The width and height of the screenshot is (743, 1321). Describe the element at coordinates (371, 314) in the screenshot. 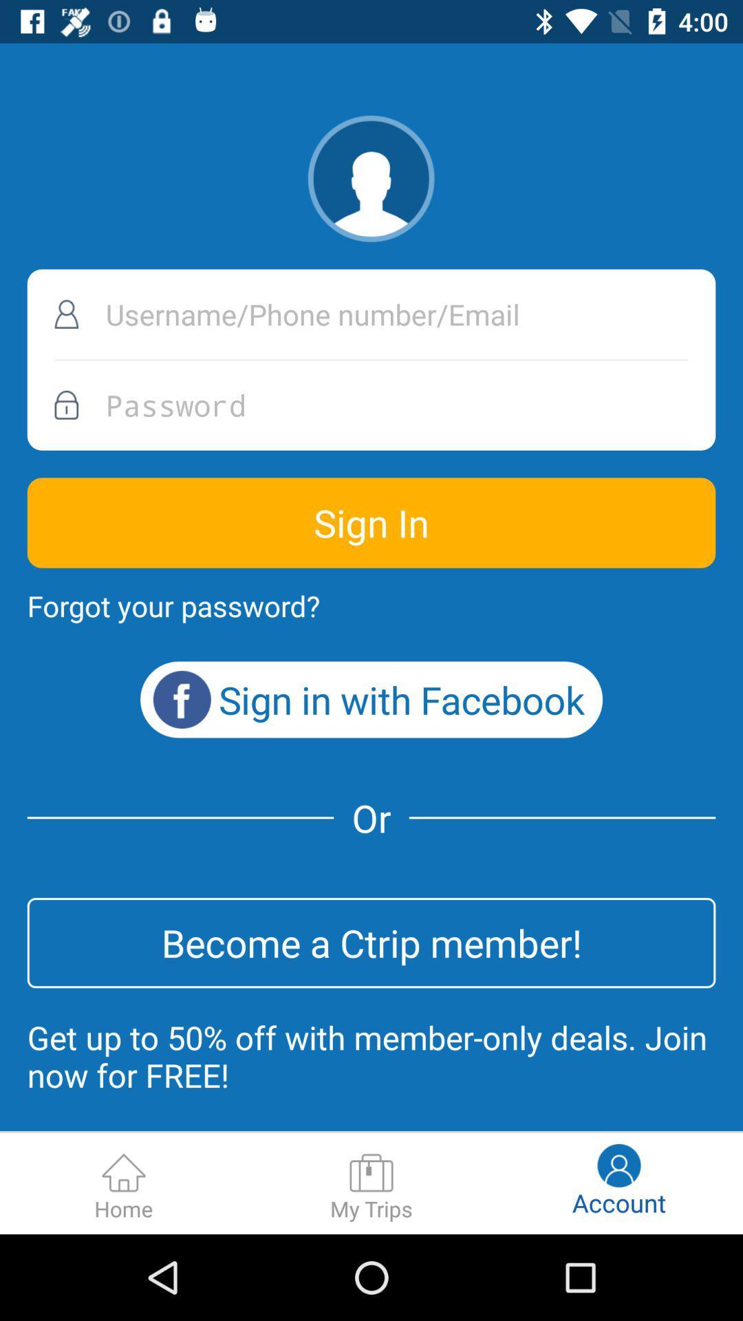

I see `type your username phone or email` at that location.